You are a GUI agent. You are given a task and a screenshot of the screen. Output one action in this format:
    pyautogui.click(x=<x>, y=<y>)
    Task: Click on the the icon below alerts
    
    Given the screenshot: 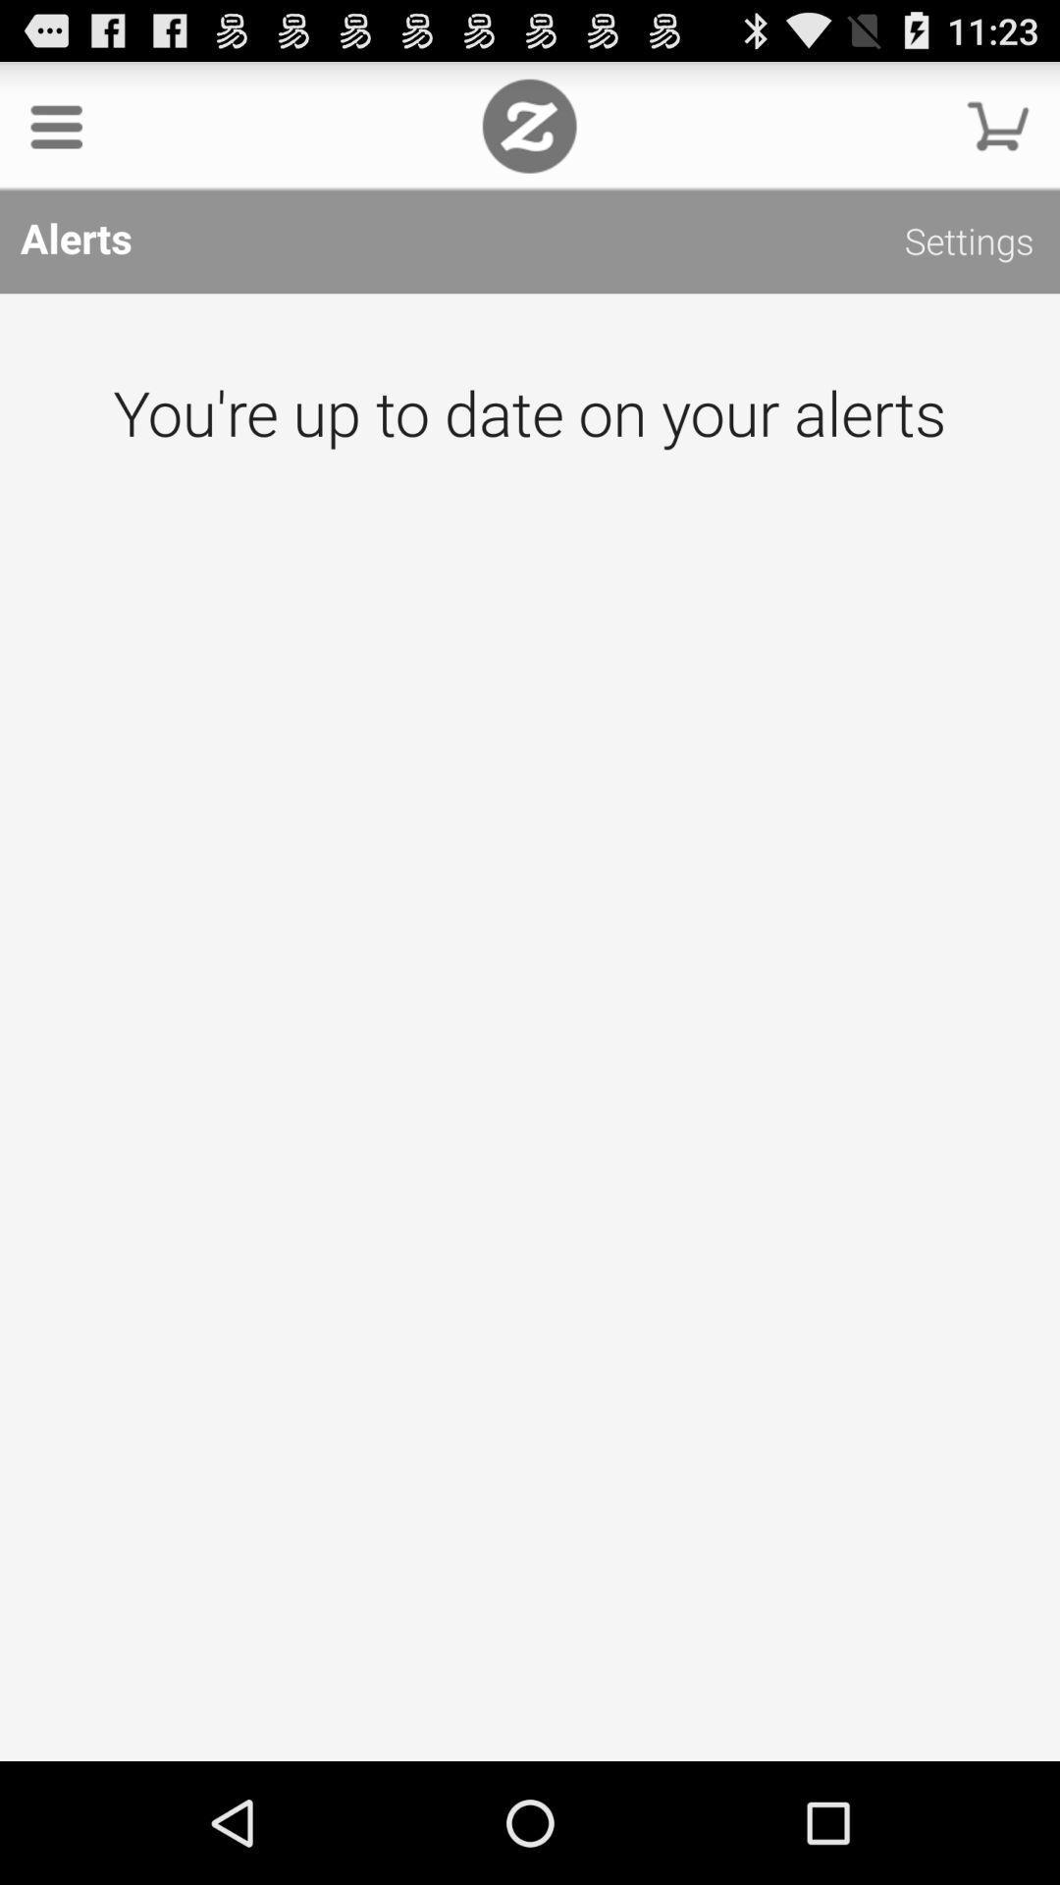 What is the action you would take?
    pyautogui.click(x=530, y=1026)
    